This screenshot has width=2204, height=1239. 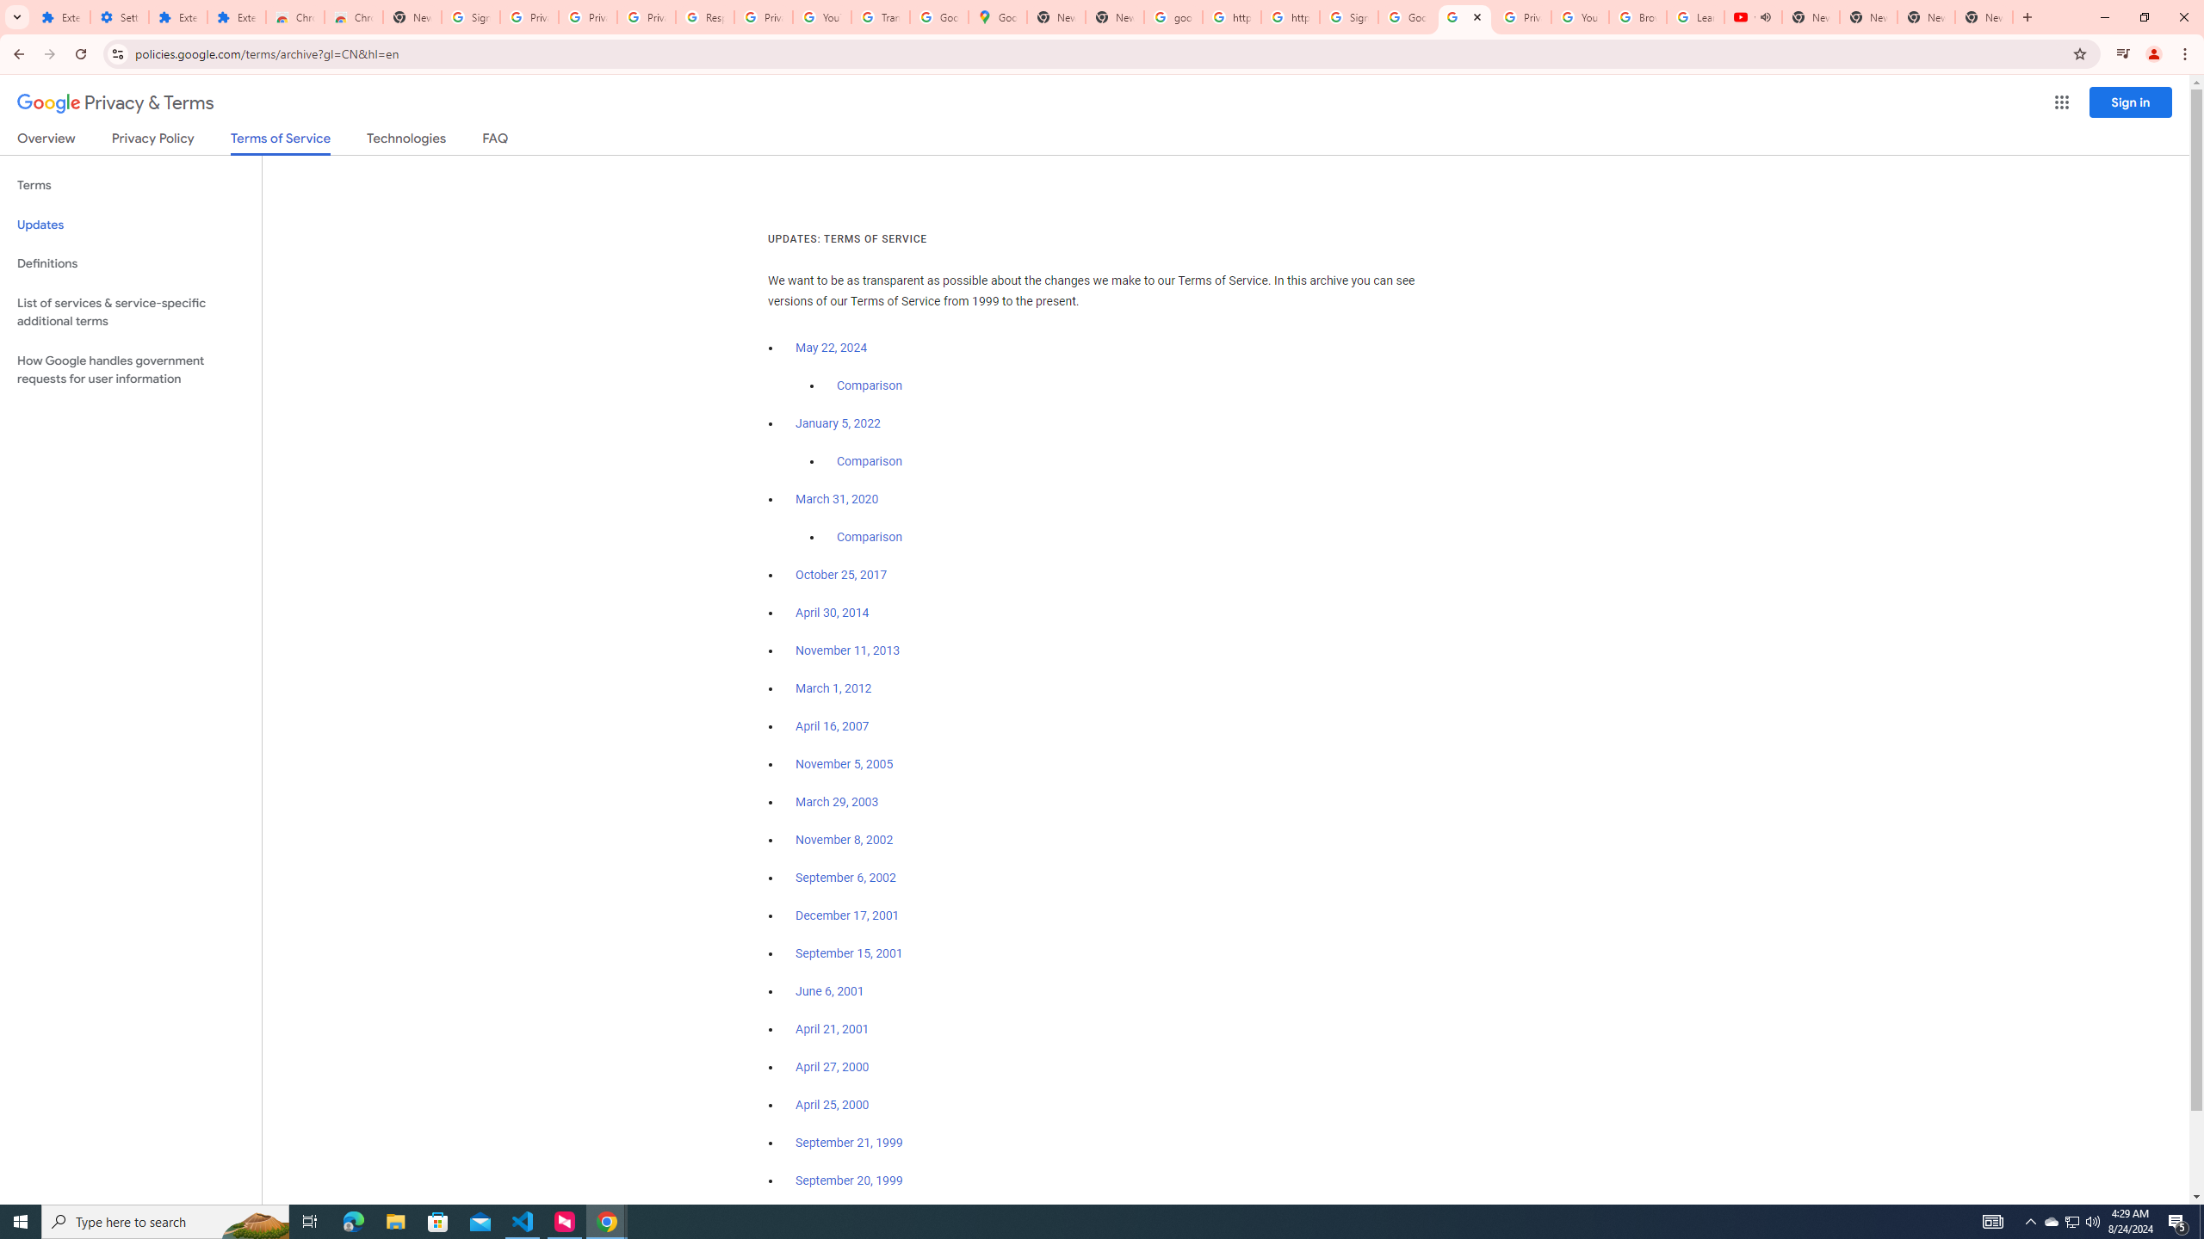 What do you see at coordinates (1289, 16) in the screenshot?
I see `'https://scholar.google.com/'` at bounding box center [1289, 16].